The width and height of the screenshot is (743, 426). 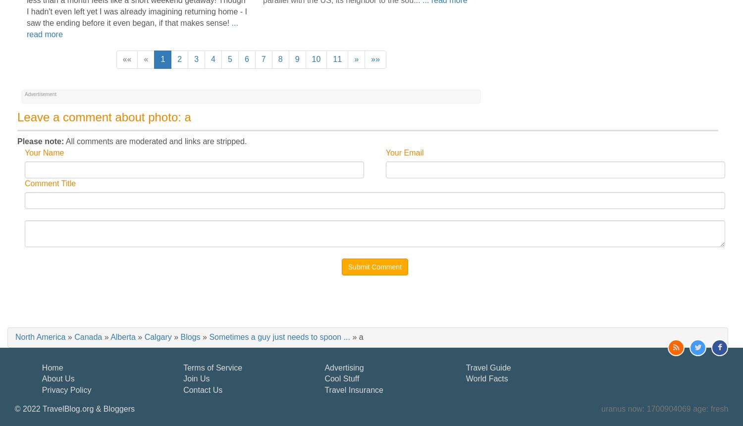 What do you see at coordinates (66, 390) in the screenshot?
I see `'Privacy Policy'` at bounding box center [66, 390].